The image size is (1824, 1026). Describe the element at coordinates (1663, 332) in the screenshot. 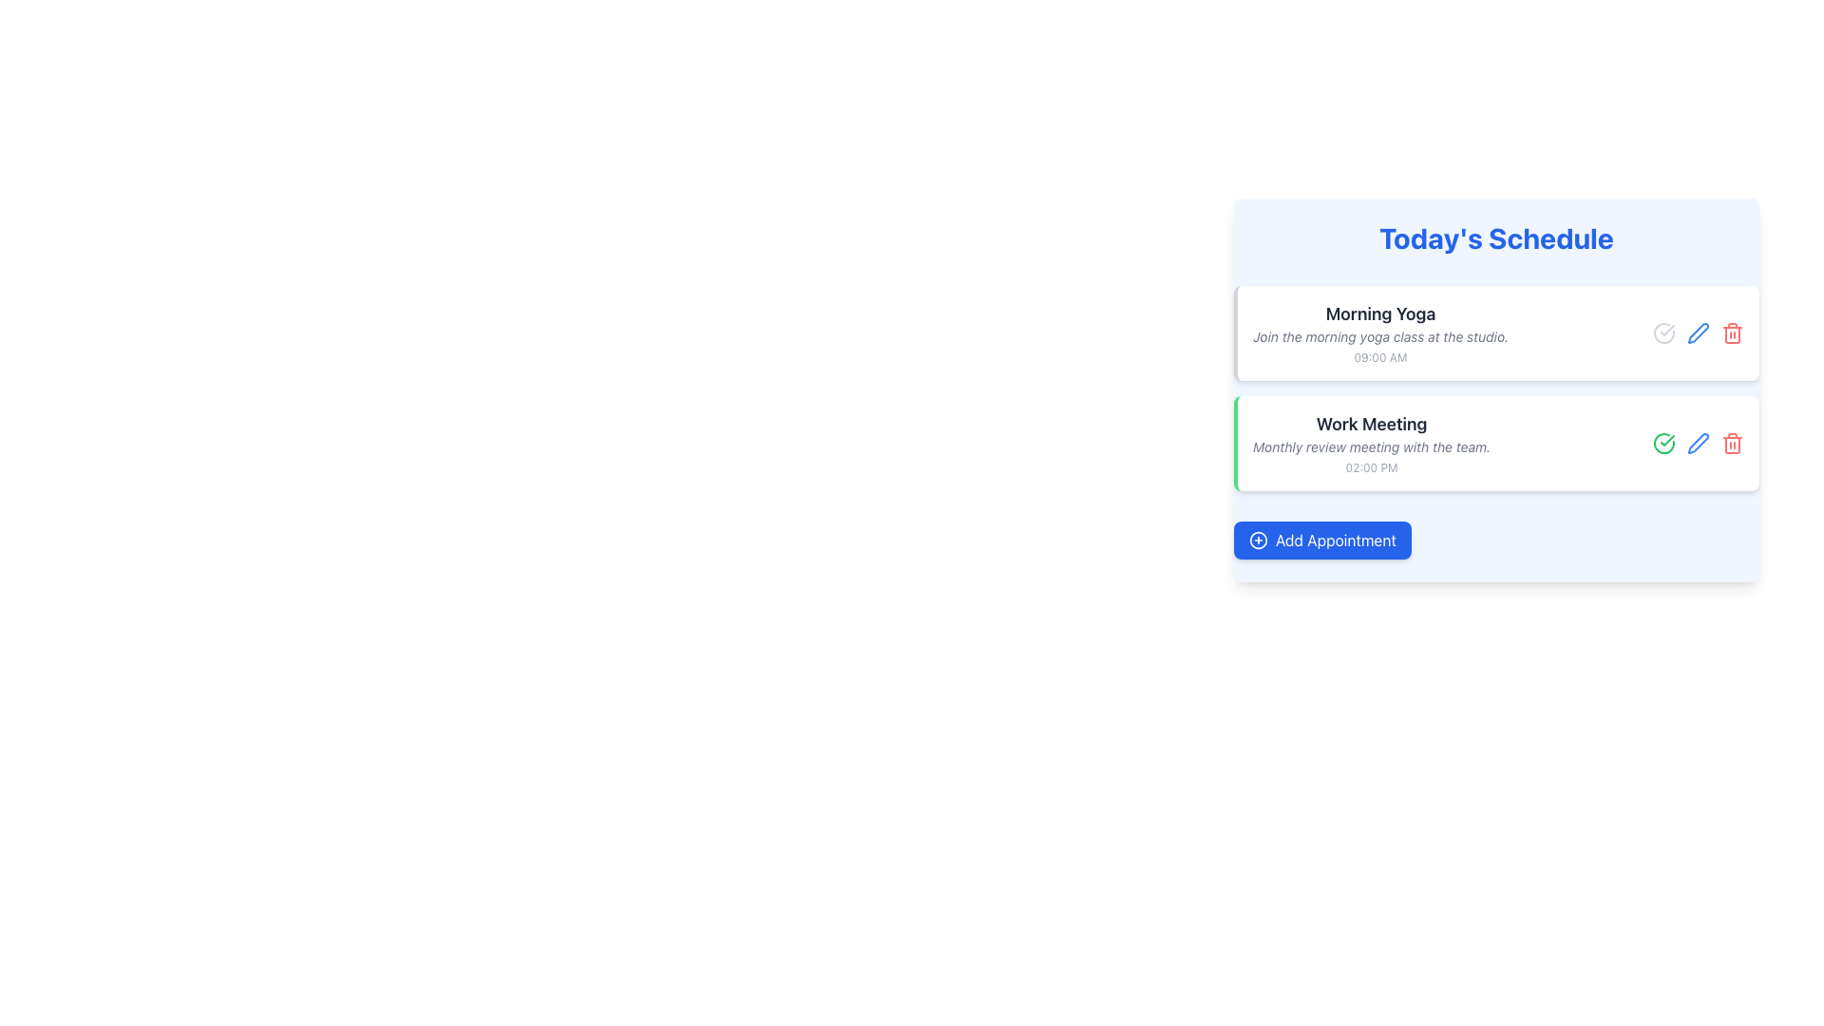

I see `the circular check mark icon in light gray color on the 'Morning Yoga' appointment card to trigger the hover effect` at that location.